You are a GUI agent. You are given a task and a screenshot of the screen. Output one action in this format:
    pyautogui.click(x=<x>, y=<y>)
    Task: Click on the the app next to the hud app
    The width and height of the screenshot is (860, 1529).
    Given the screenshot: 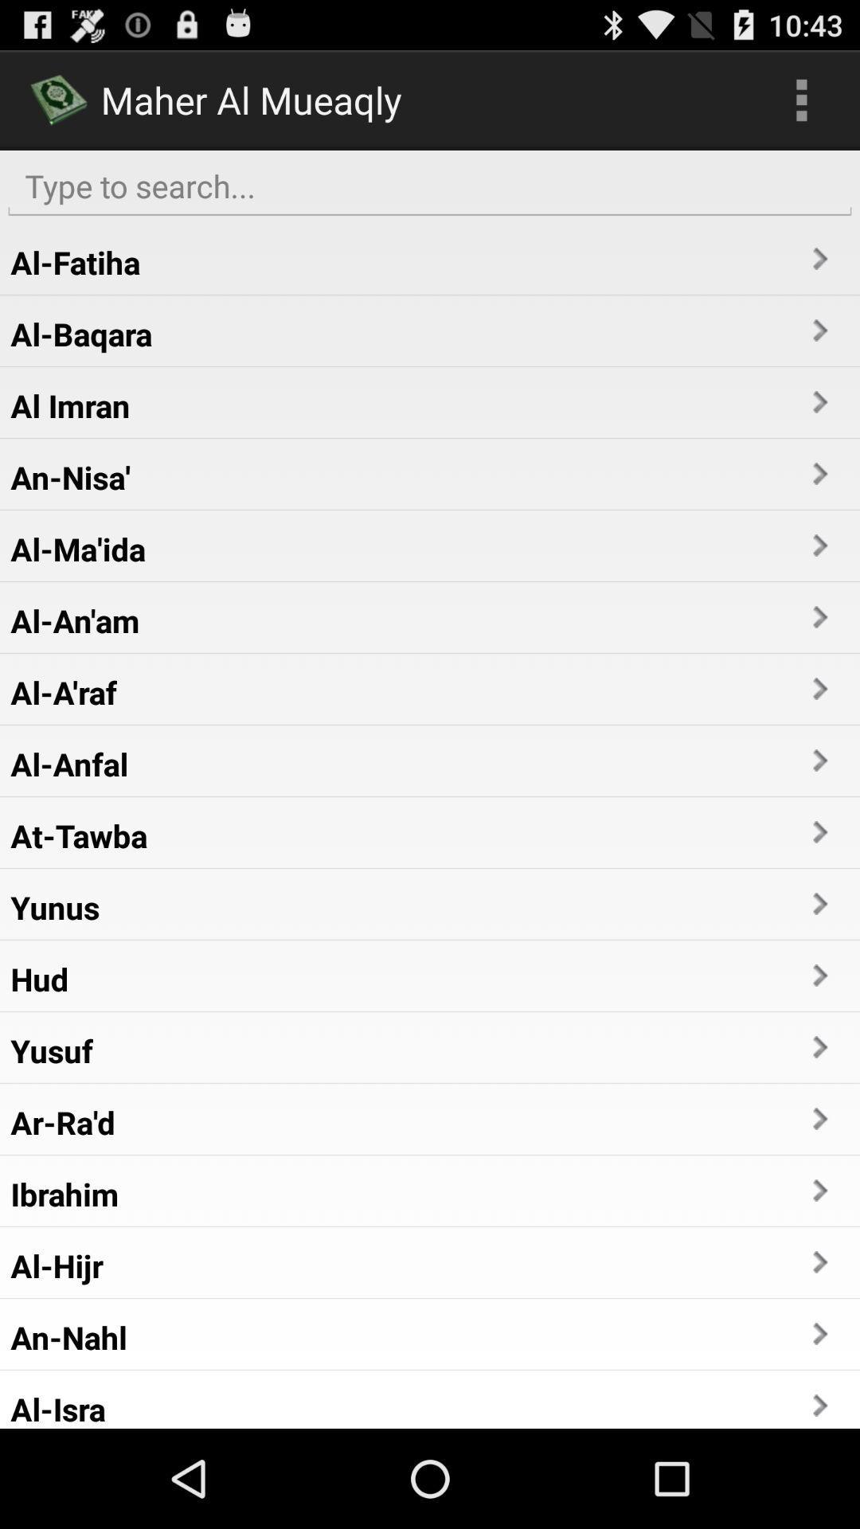 What is the action you would take?
    pyautogui.click(x=819, y=975)
    